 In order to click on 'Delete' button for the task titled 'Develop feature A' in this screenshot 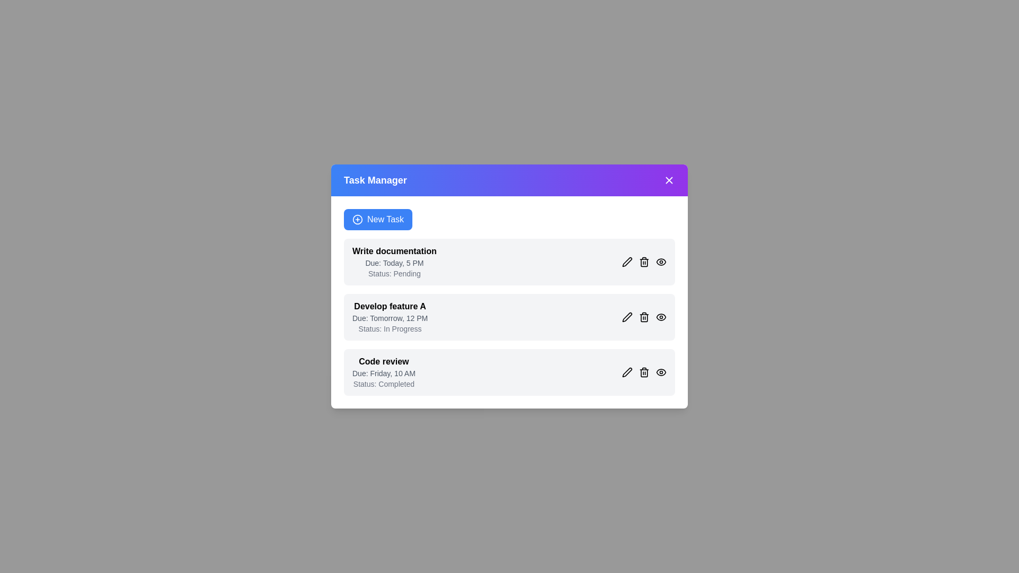, I will do `click(644, 316)`.